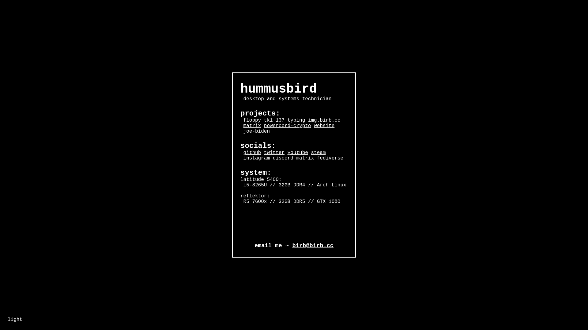 The image size is (588, 330). What do you see at coordinates (264, 126) in the screenshot?
I see `'powercord-crypto'` at bounding box center [264, 126].